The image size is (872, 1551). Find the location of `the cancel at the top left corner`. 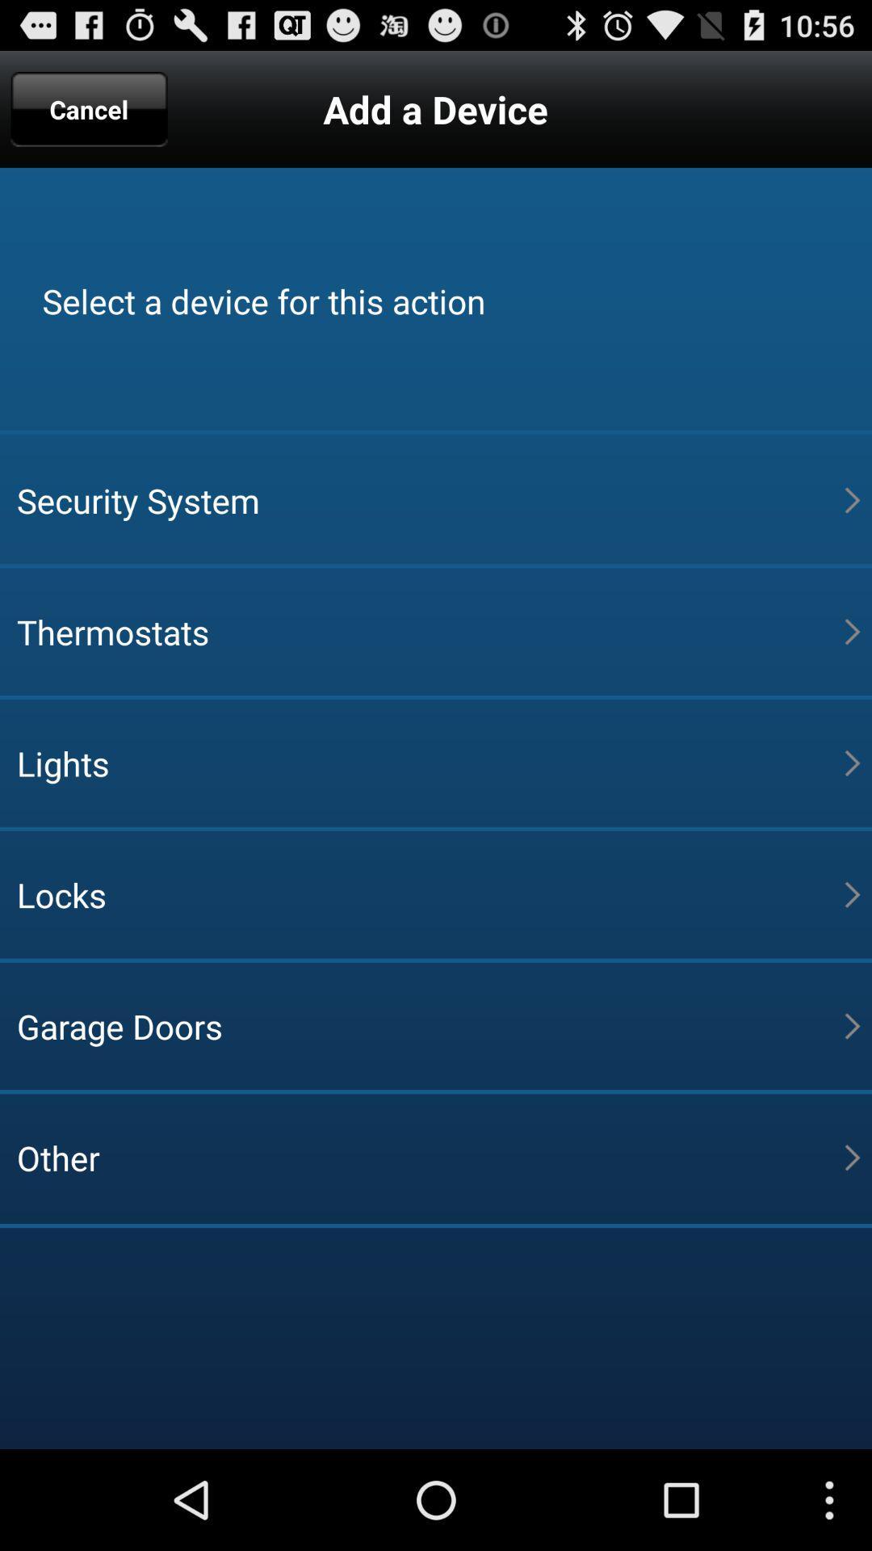

the cancel at the top left corner is located at coordinates (89, 108).